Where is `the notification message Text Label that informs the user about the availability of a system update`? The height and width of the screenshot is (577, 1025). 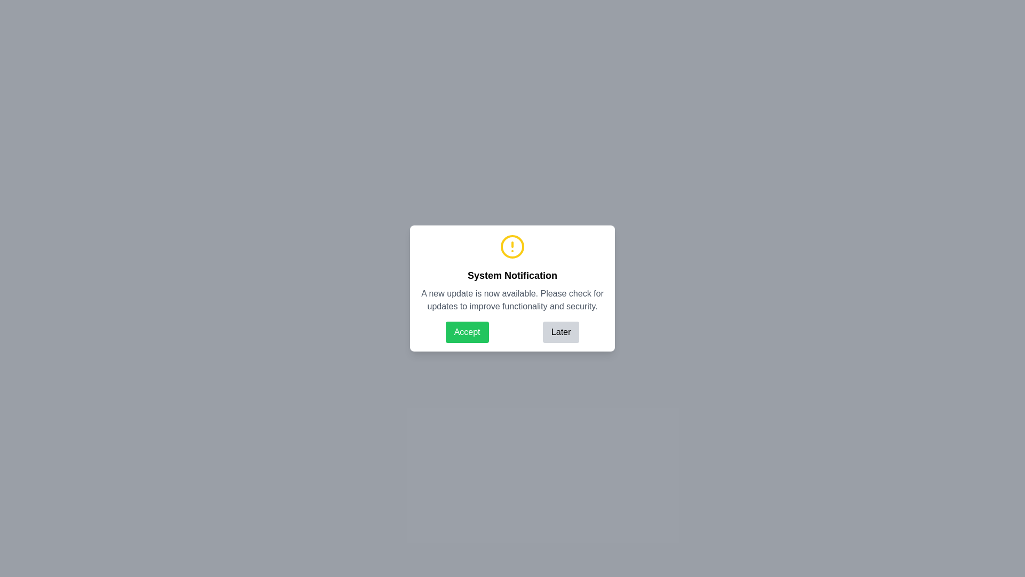 the notification message Text Label that informs the user about the availability of a system update is located at coordinates (512, 300).